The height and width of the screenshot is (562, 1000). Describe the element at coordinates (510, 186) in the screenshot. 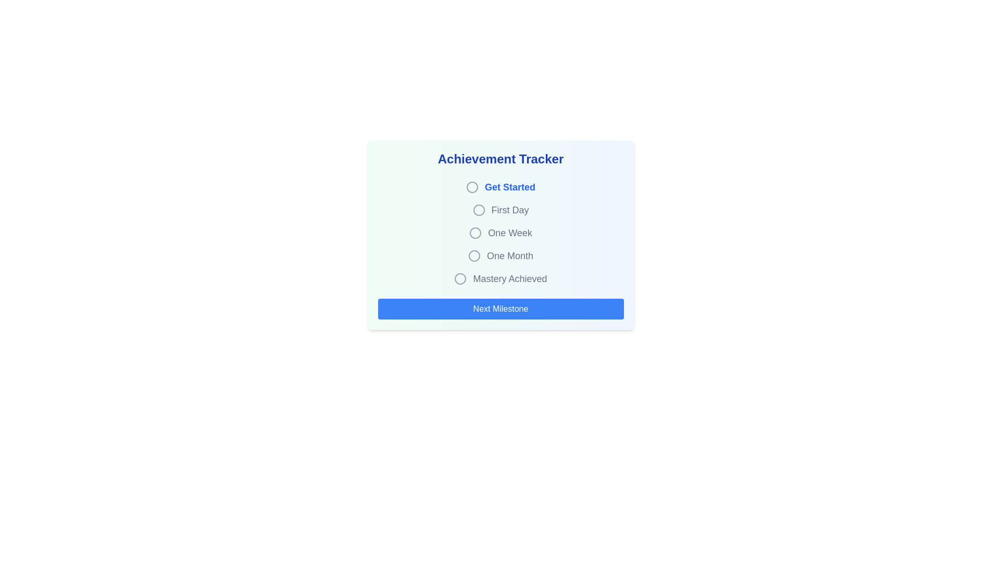

I see `text of the Text Label that serves as a label for a selectable option adjacent to a radio button in the 'Achievement Tracker' card component` at that location.